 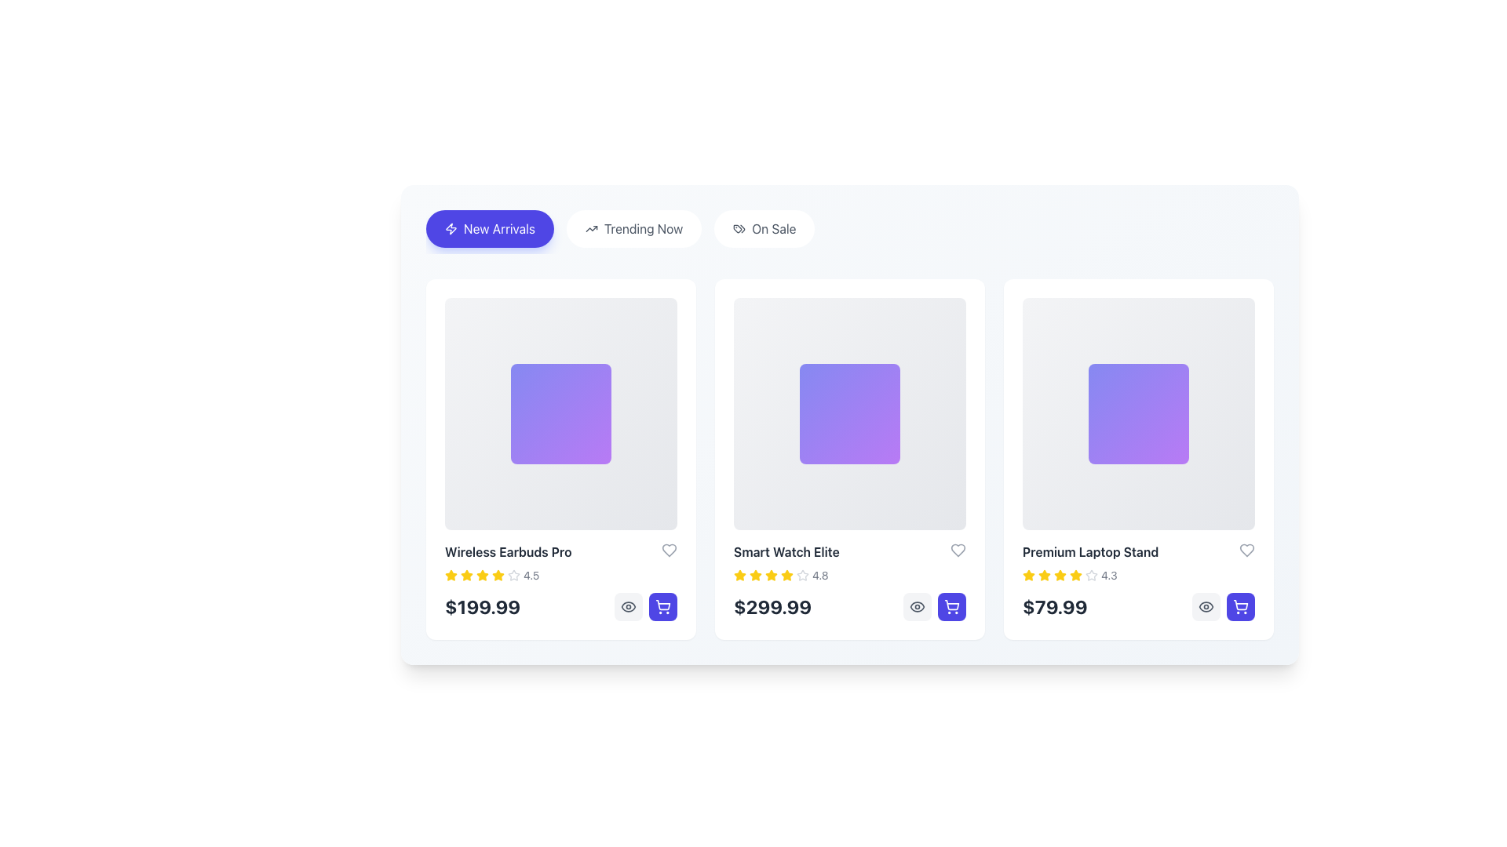 What do you see at coordinates (957, 550) in the screenshot?
I see `the heart-shaped favorite button located at the top-right corner of the 'Smart Watch Elite' product card` at bounding box center [957, 550].